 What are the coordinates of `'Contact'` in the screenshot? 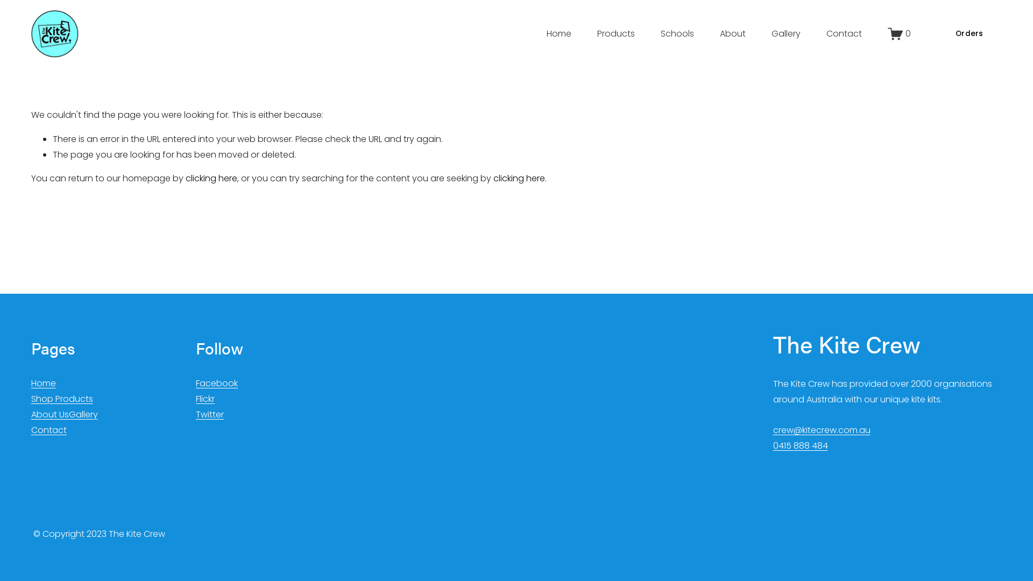 It's located at (844, 33).